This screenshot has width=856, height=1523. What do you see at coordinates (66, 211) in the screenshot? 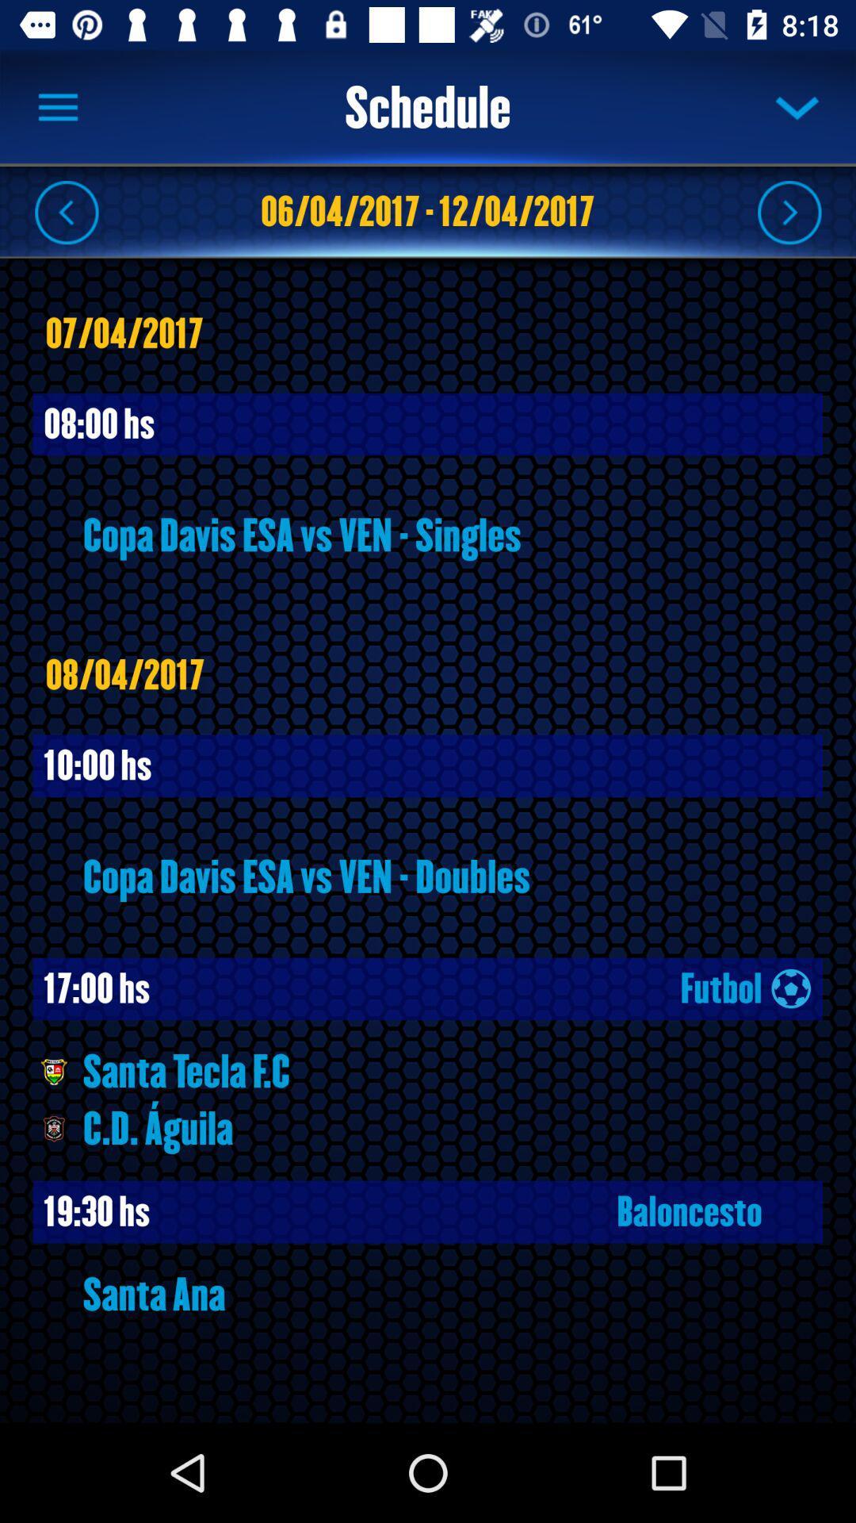
I see `back button` at bounding box center [66, 211].